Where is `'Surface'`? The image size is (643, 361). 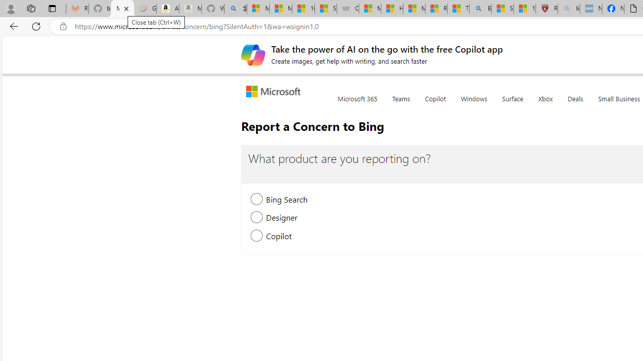
'Surface' is located at coordinates (512, 104).